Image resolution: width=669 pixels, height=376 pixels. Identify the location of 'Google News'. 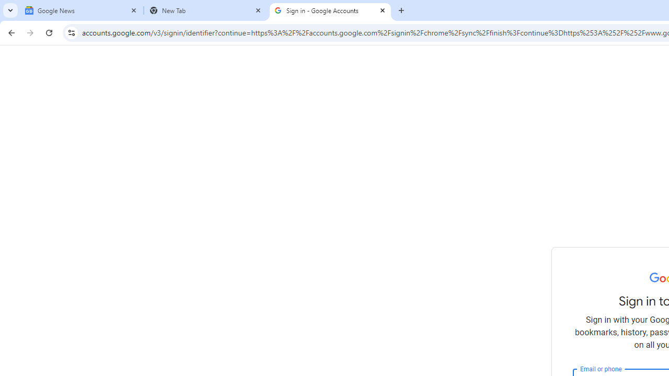
(81, 10).